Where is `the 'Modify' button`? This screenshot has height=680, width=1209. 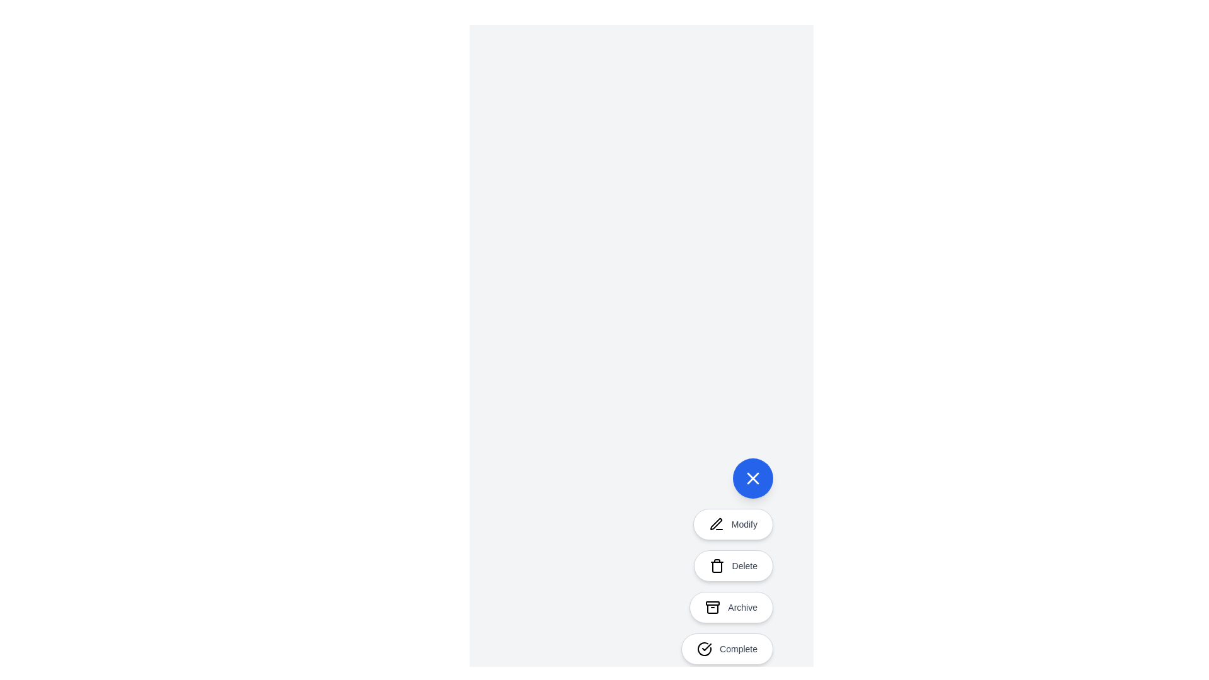 the 'Modify' button is located at coordinates (733, 524).